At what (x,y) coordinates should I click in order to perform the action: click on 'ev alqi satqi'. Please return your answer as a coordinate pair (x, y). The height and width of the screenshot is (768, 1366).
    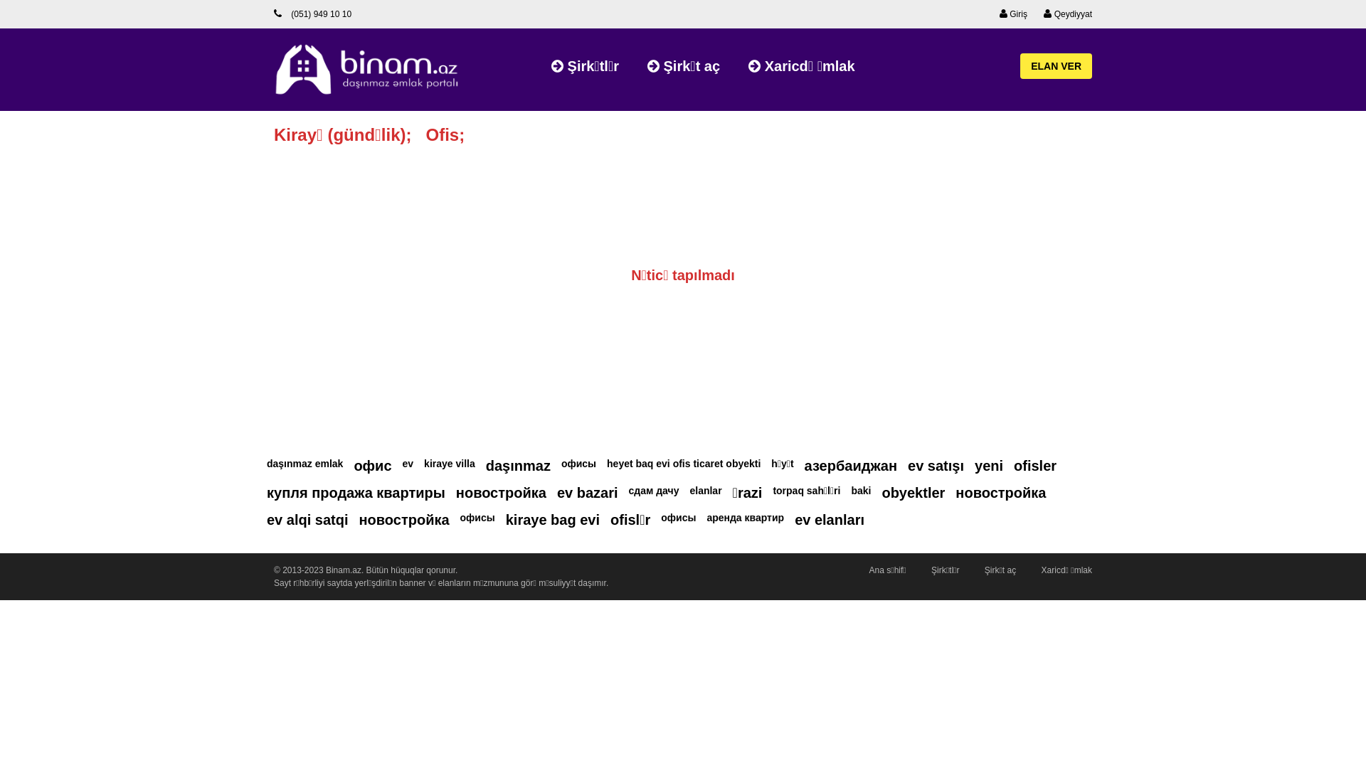
    Looking at the image, I should click on (307, 520).